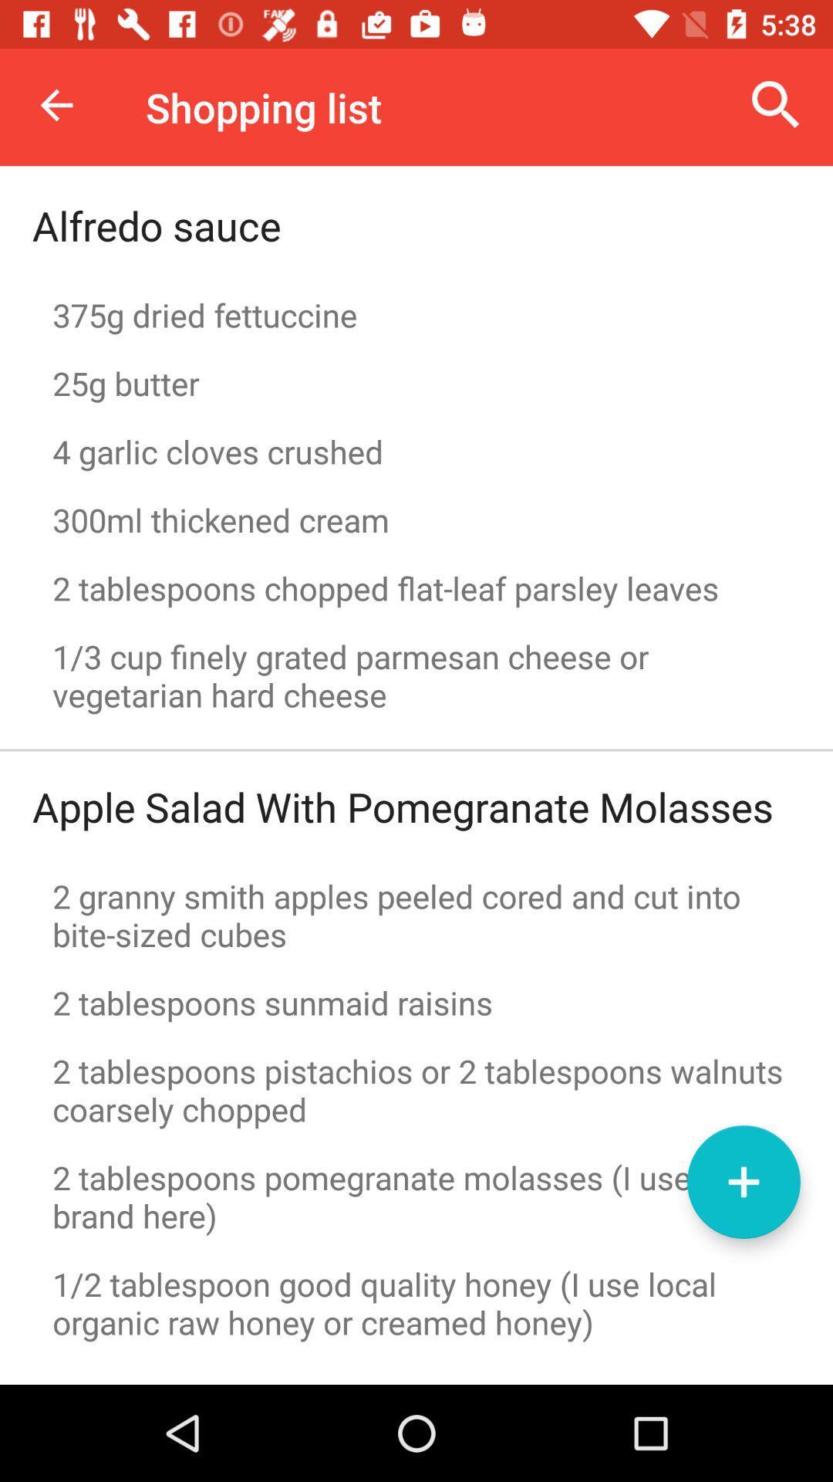 This screenshot has width=833, height=1482. Describe the element at coordinates (743, 1181) in the screenshot. I see `the add icon` at that location.